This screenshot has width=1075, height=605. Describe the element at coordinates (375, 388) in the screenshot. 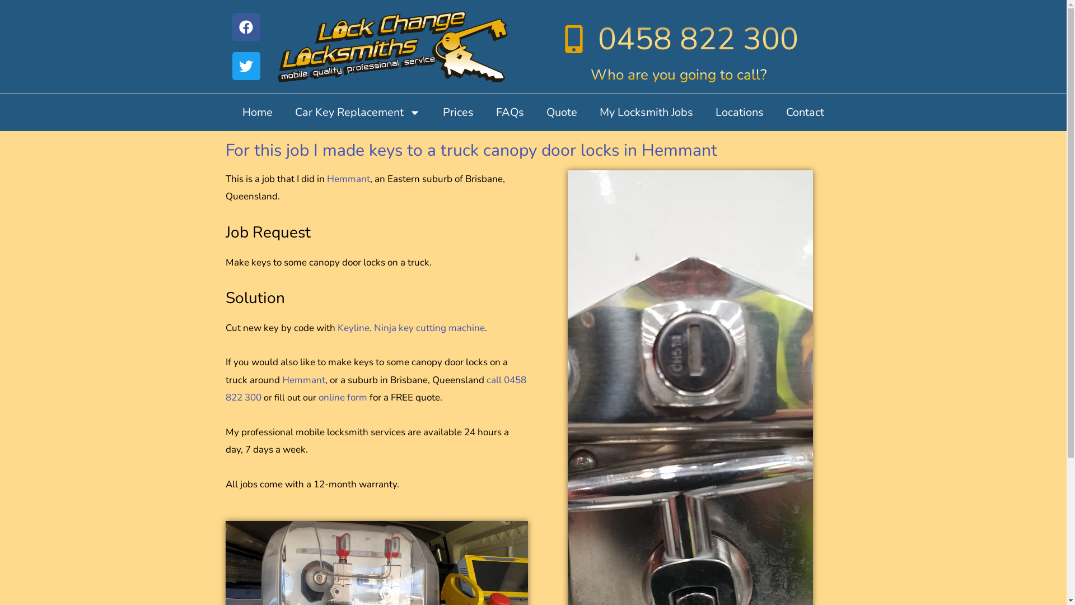

I see `'call 0458 822 300'` at that location.